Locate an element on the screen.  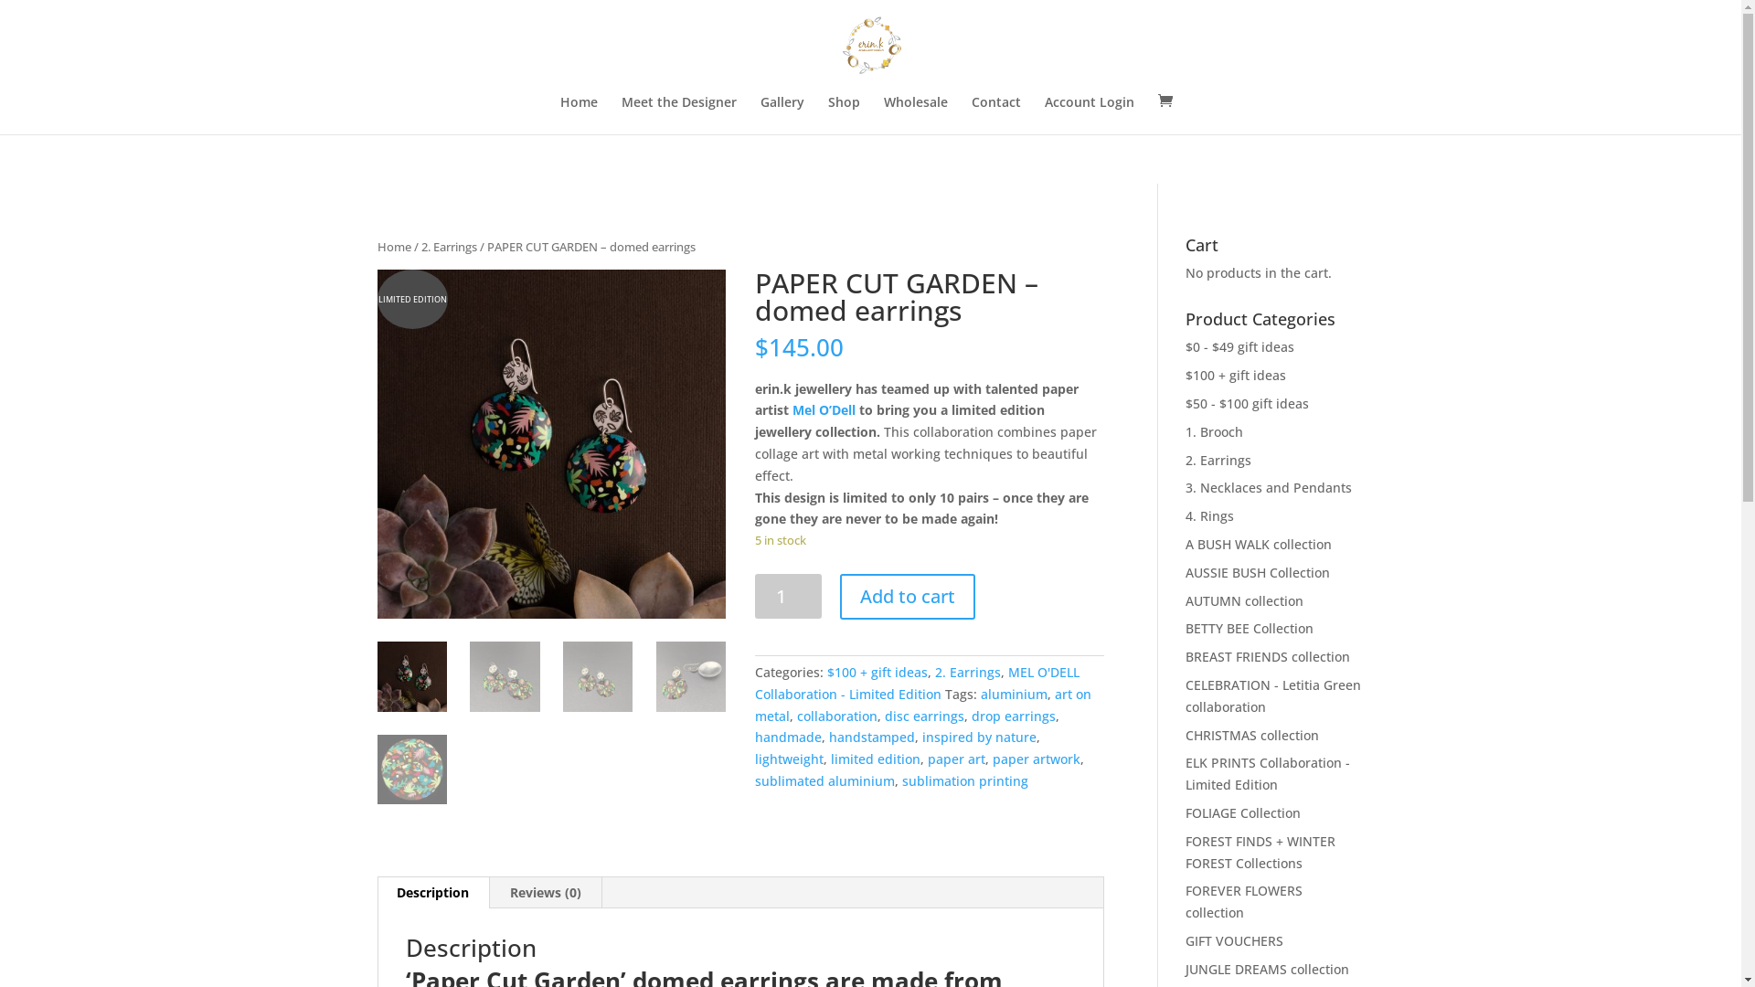
'BETTY BEE Collection' is located at coordinates (1185, 627).